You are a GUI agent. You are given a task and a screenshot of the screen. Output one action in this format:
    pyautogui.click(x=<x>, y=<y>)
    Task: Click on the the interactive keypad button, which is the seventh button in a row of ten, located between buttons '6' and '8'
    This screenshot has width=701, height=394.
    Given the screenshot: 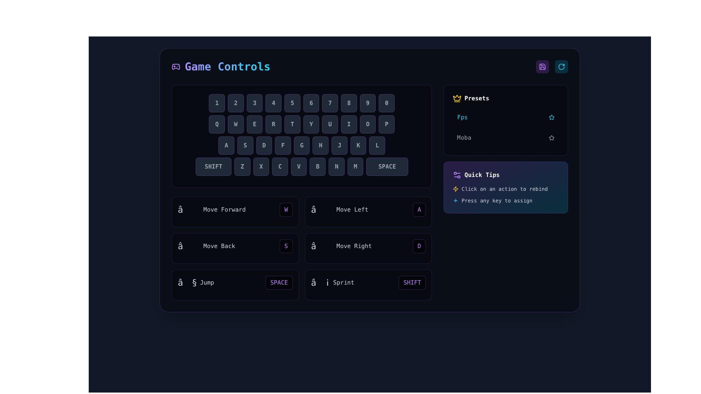 What is the action you would take?
    pyautogui.click(x=330, y=103)
    